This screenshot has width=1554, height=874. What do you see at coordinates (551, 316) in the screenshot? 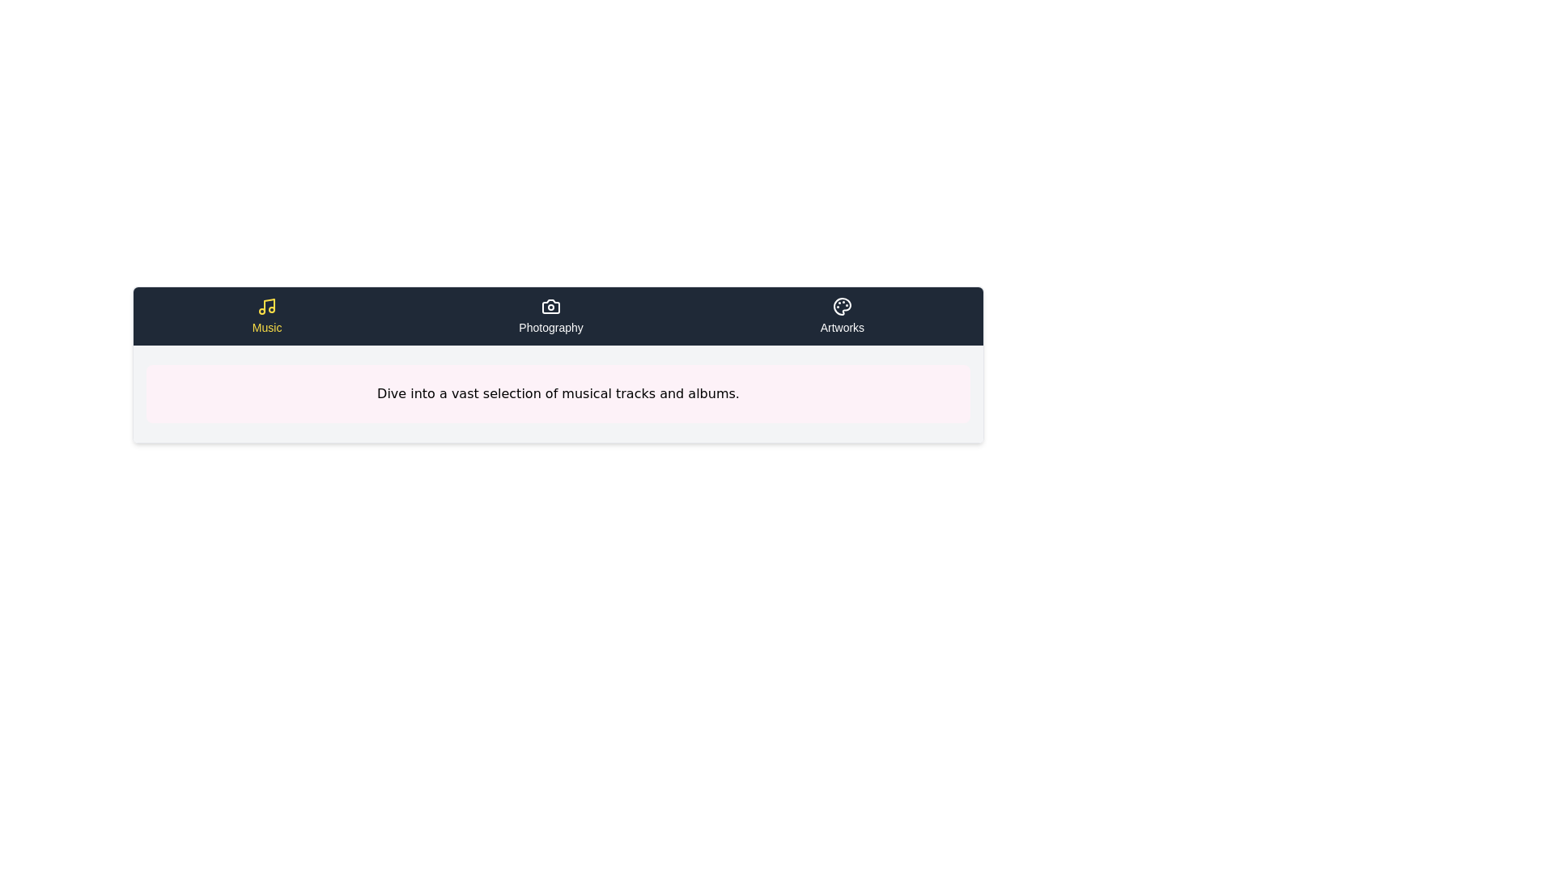
I see `the tab labeled Photography` at bounding box center [551, 316].